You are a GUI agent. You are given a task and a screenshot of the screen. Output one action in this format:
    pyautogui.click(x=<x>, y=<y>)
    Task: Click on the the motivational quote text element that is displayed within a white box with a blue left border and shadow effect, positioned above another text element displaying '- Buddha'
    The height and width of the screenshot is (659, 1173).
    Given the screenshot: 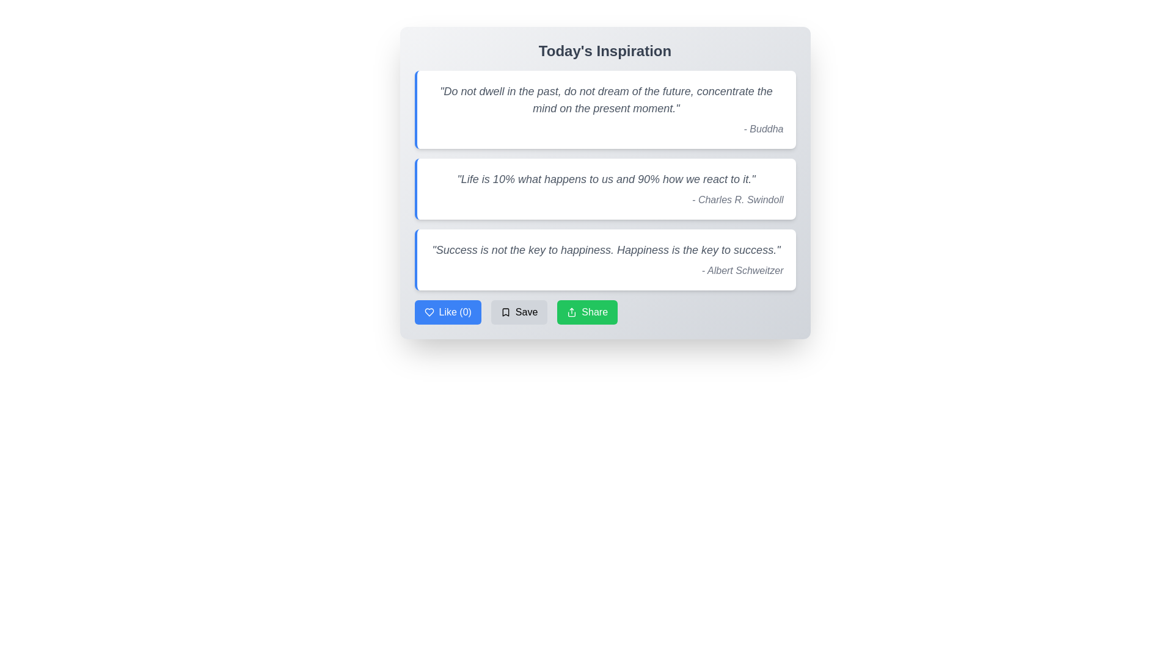 What is the action you would take?
    pyautogui.click(x=606, y=99)
    